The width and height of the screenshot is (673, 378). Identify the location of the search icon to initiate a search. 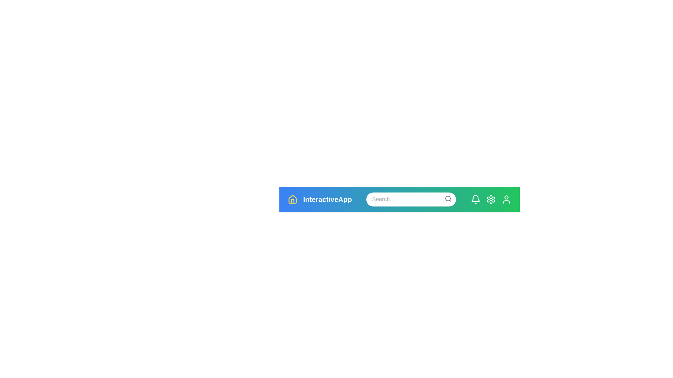
(448, 198).